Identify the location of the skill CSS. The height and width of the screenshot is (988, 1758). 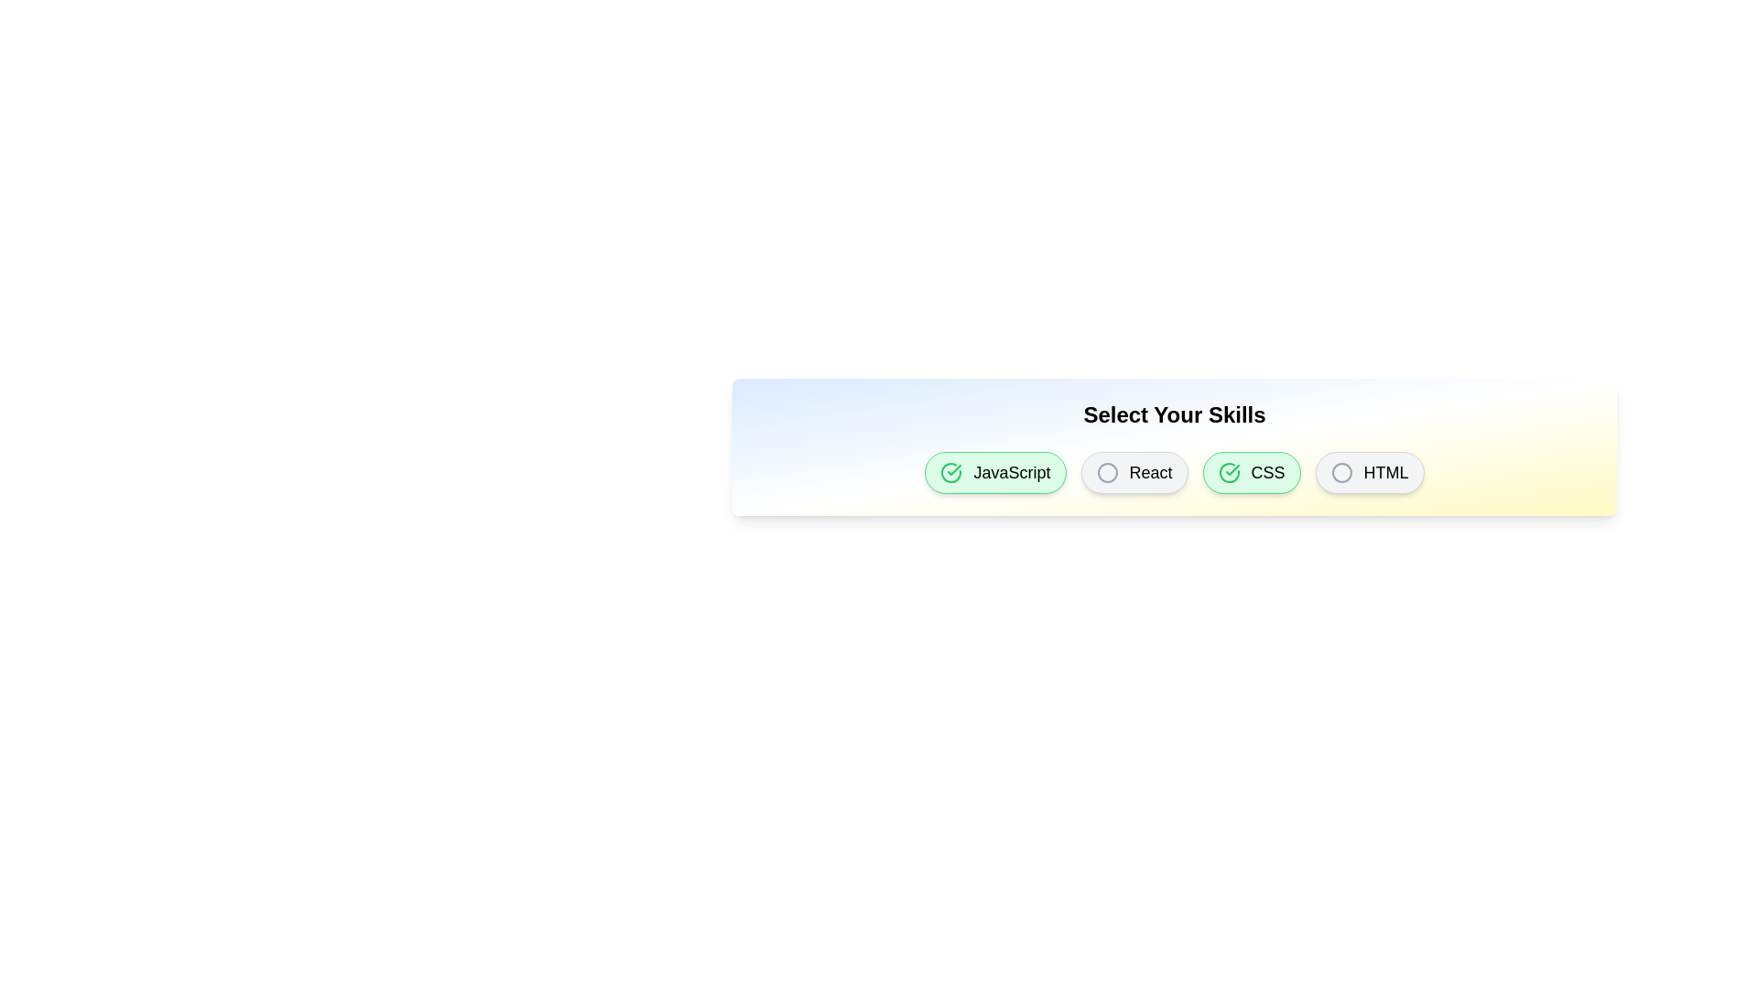
(1251, 471).